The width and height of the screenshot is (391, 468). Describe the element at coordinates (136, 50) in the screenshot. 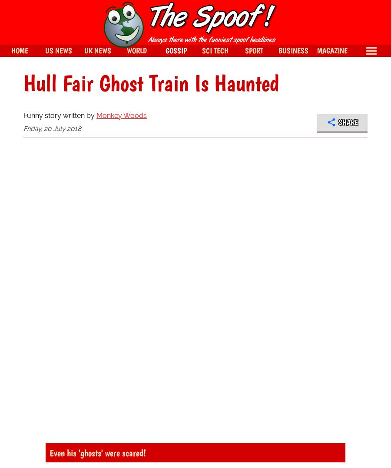

I see `'World'` at that location.